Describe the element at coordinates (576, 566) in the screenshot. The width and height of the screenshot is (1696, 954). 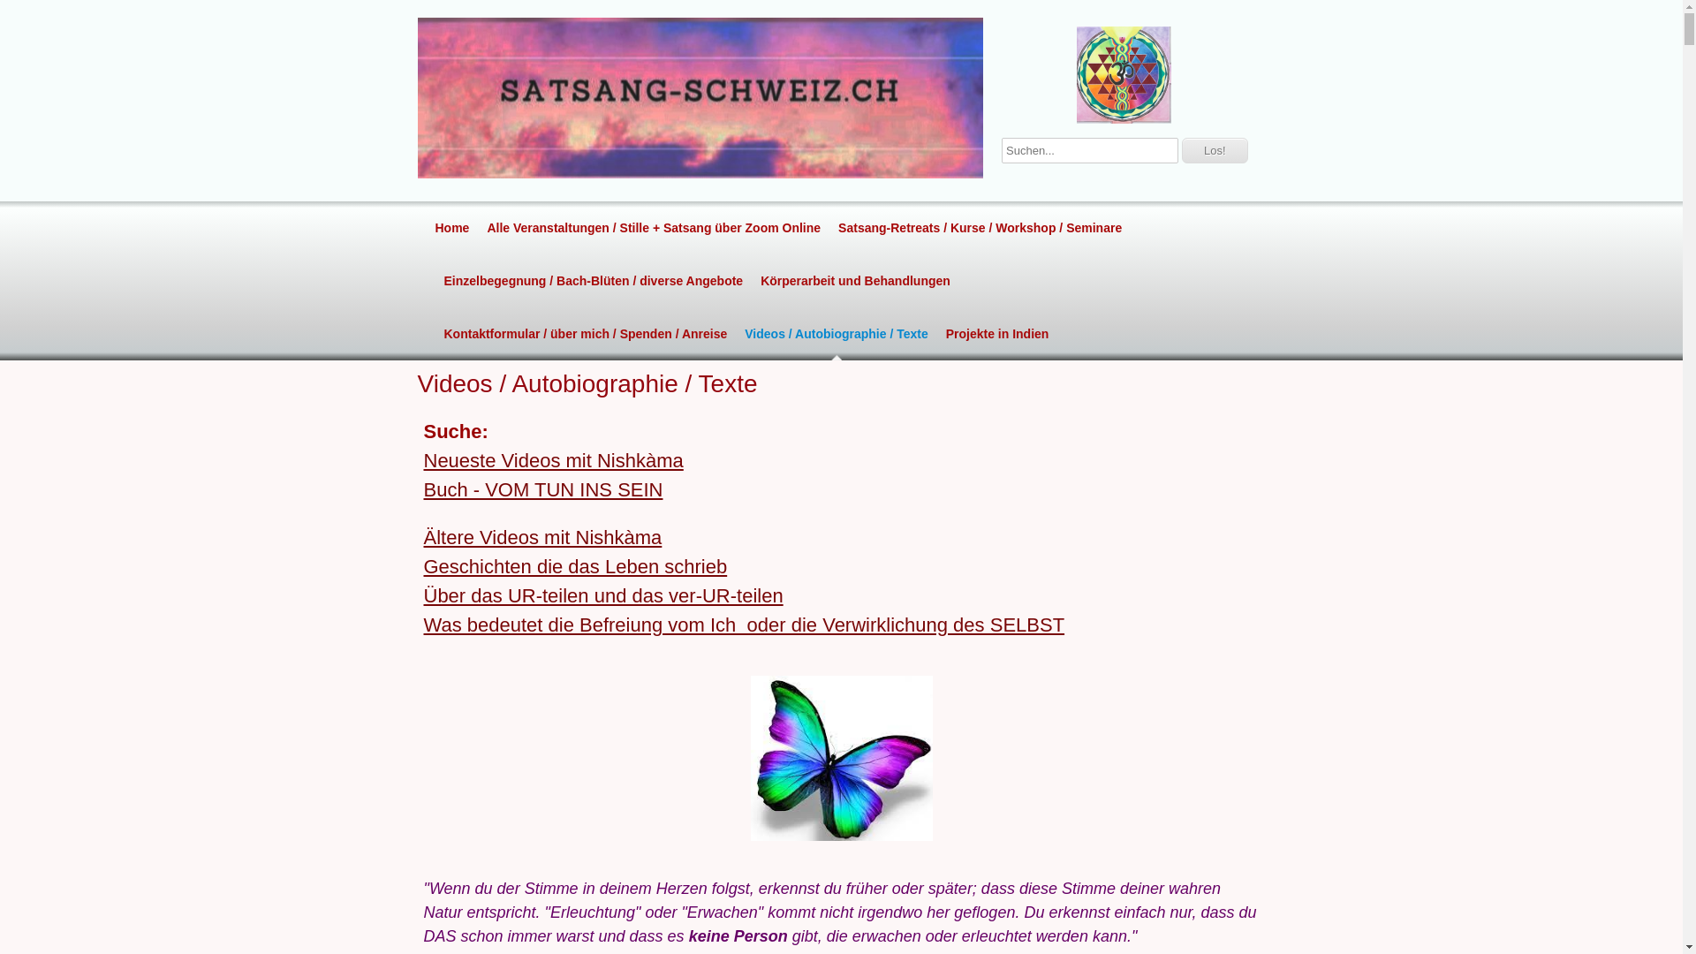
I see `'Geschichten die das Leben schrieb'` at that location.